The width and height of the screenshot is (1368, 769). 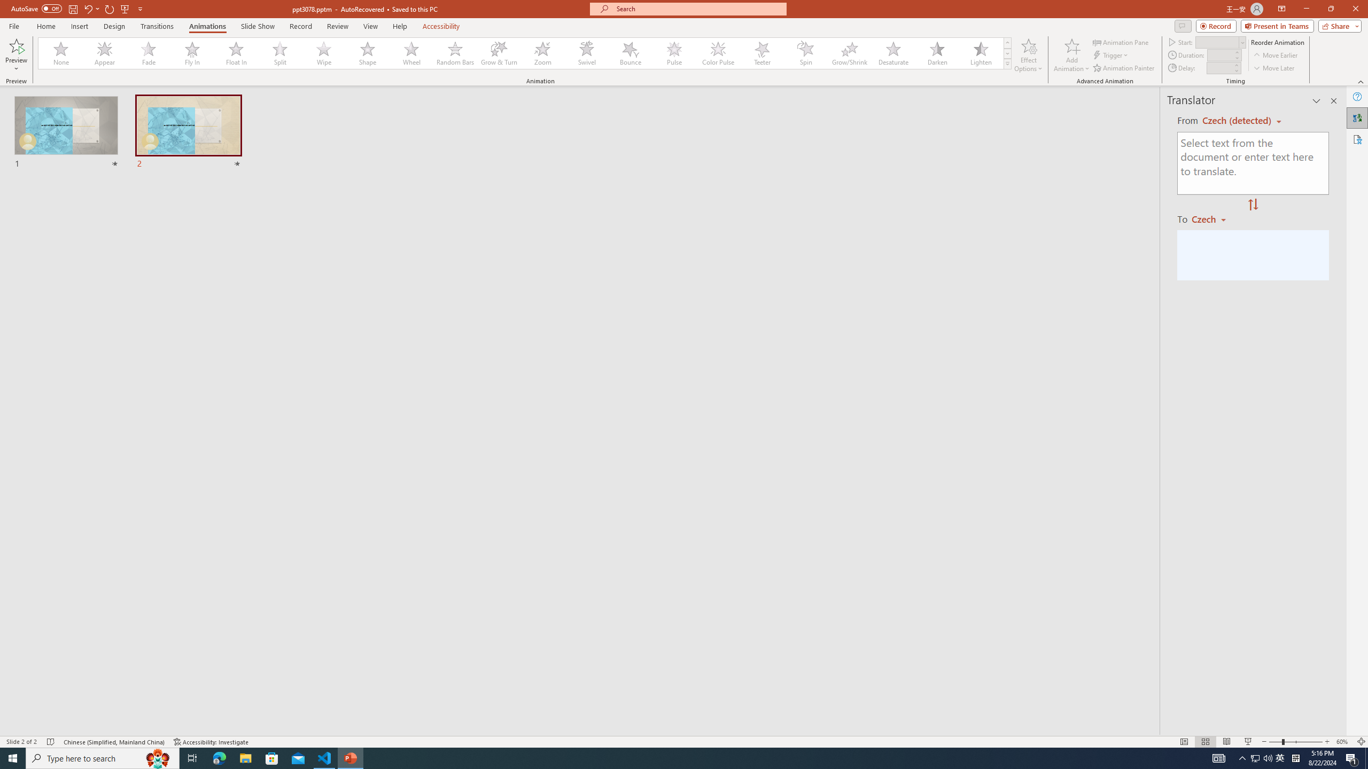 I want to click on 'Lighten', so click(x=980, y=53).